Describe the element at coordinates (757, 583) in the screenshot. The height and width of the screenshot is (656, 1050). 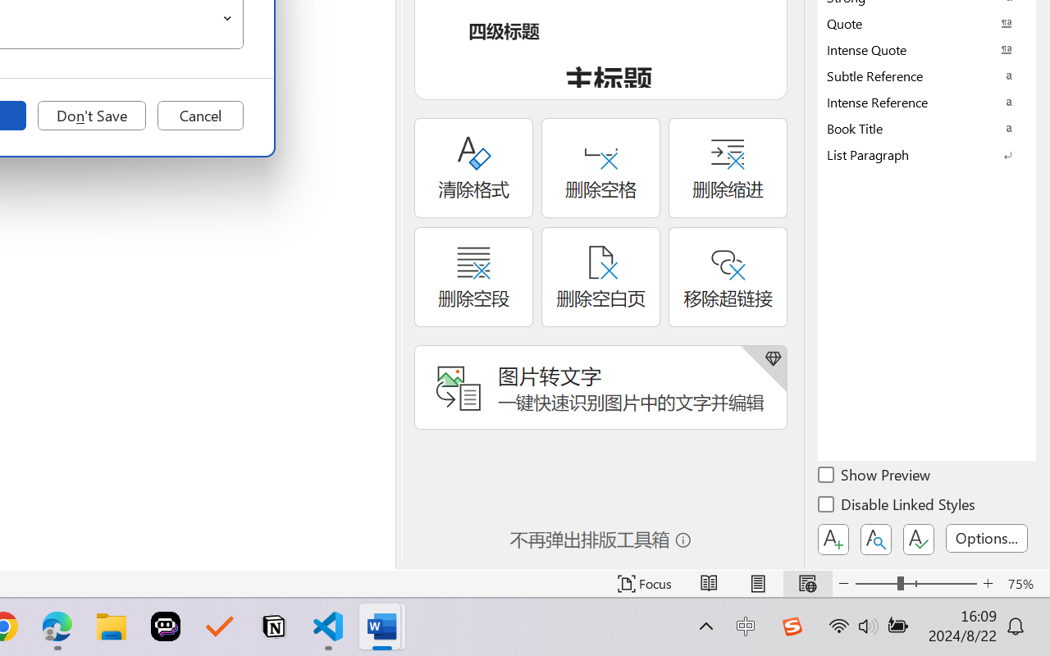
I see `'Print Layout'` at that location.